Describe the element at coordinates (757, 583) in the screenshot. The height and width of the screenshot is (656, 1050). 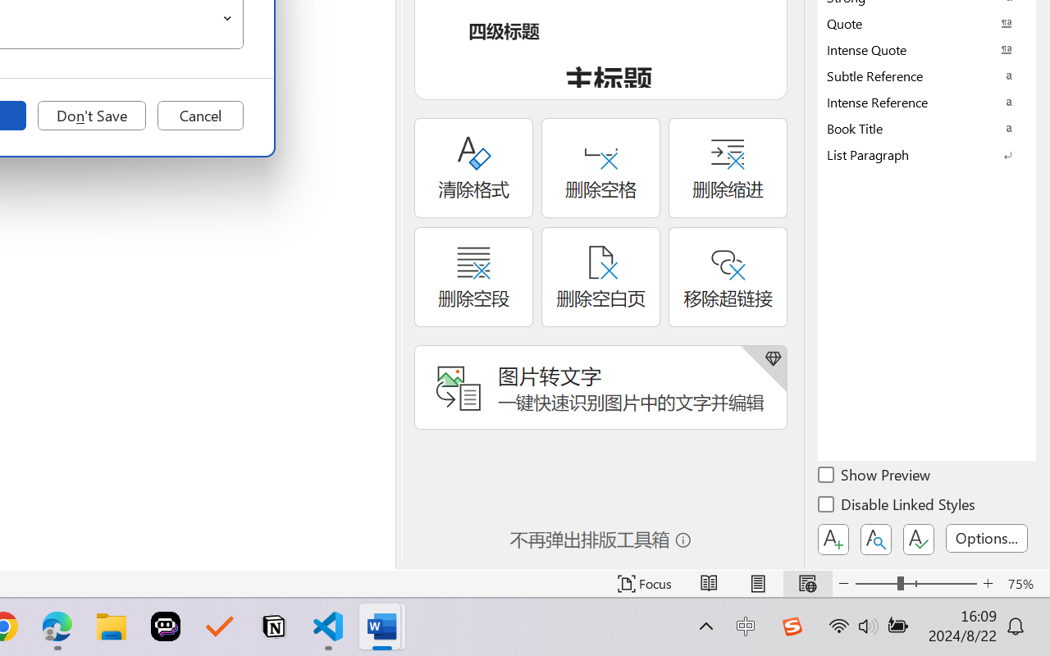
I see `'Print Layout'` at that location.